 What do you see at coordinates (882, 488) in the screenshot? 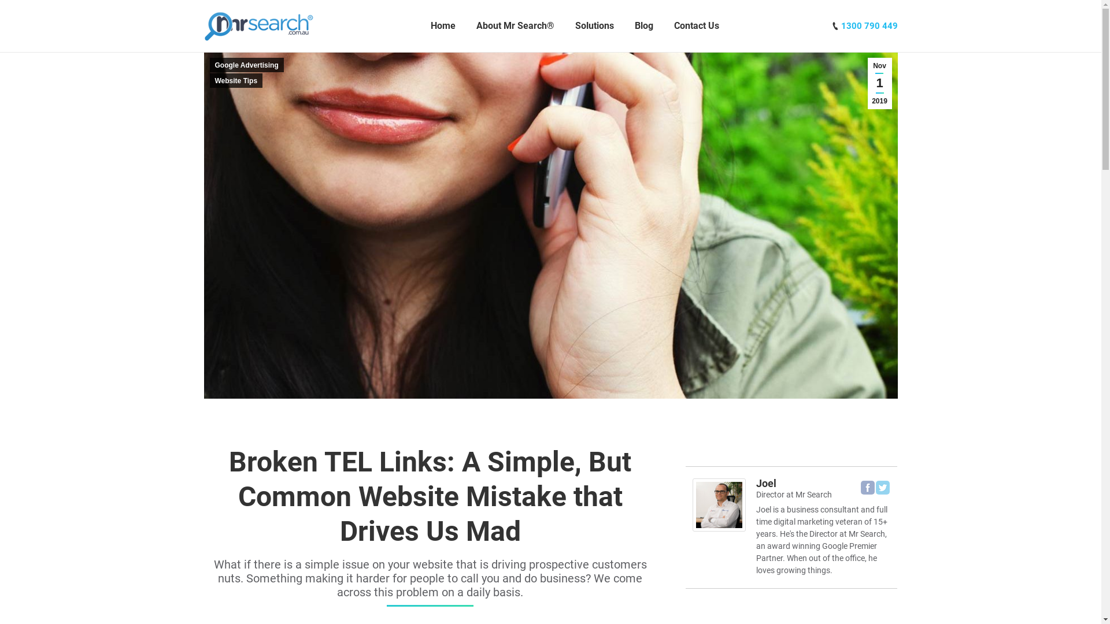
I see `'Twitter'` at bounding box center [882, 488].